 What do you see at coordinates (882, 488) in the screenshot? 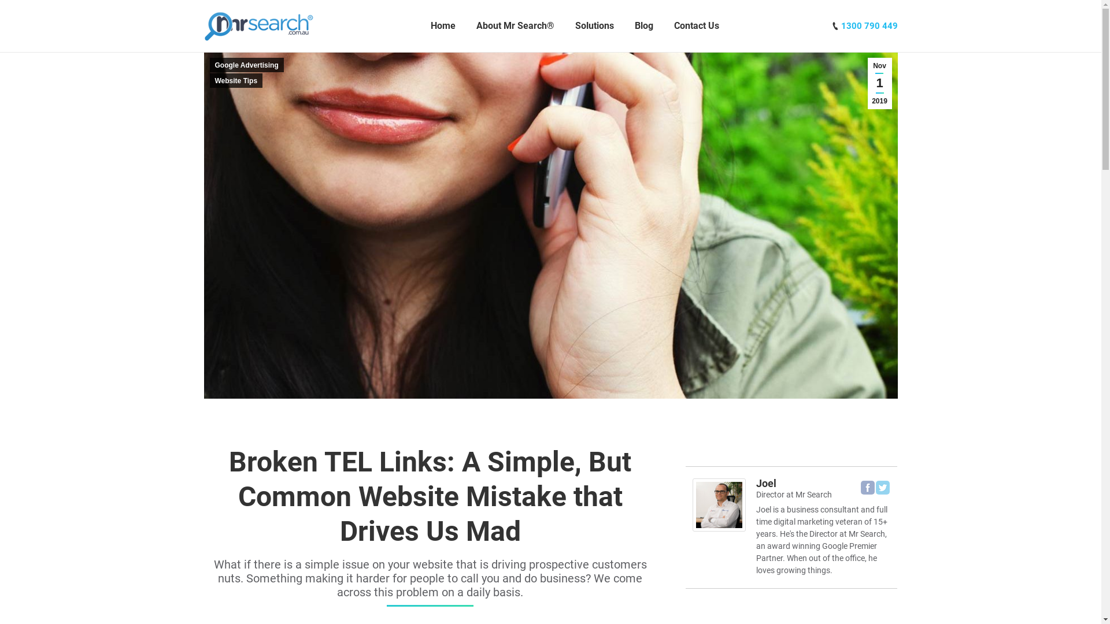
I see `'Twitter'` at bounding box center [882, 488].